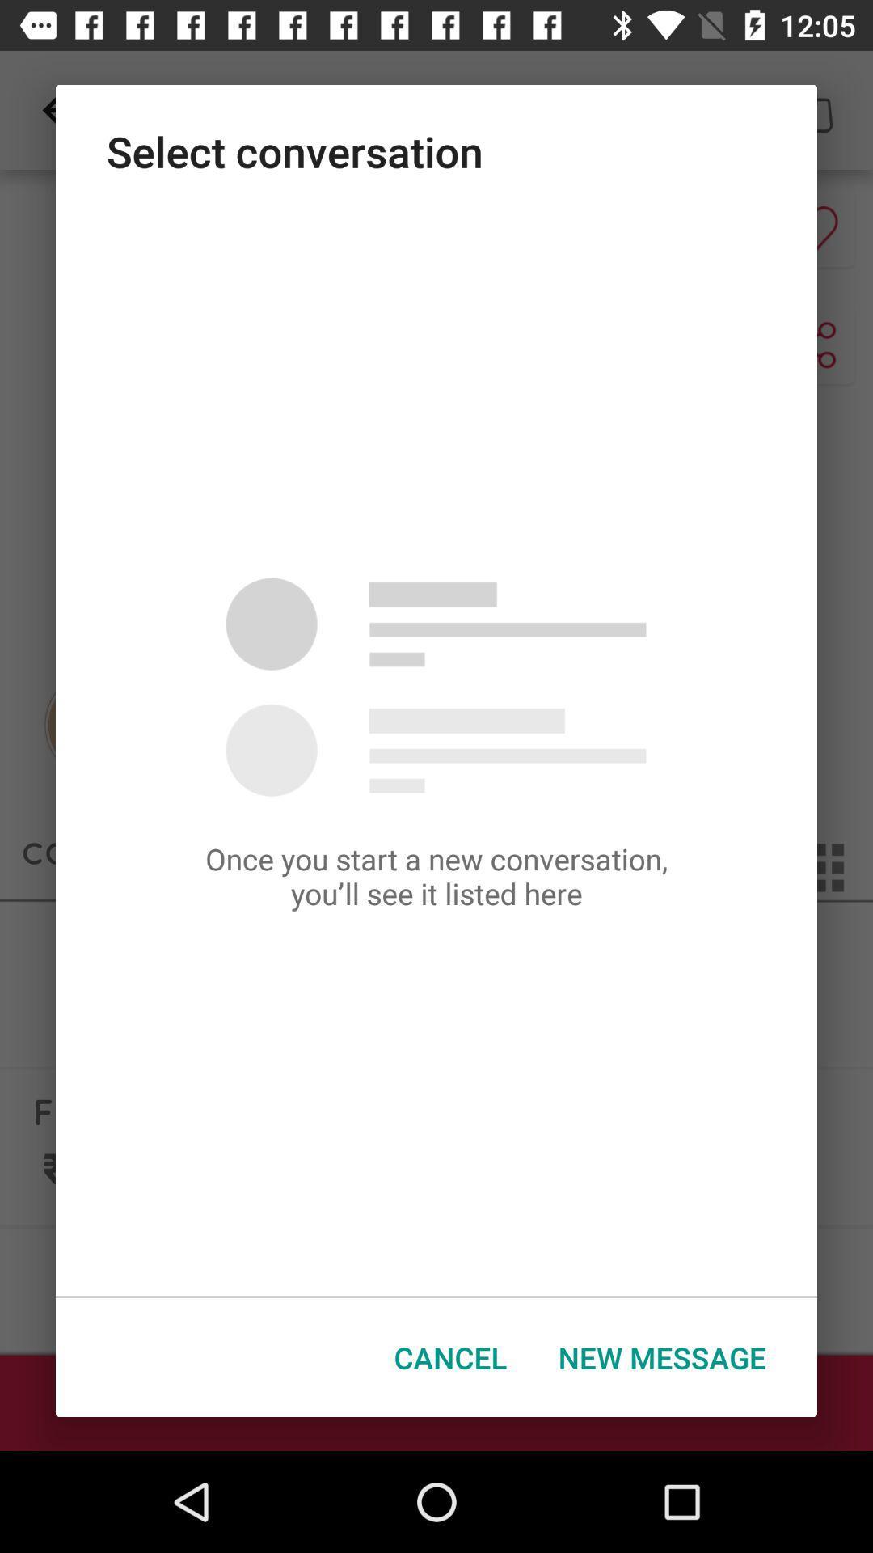 This screenshot has height=1553, width=873. Describe the element at coordinates (450, 1357) in the screenshot. I see `the button next to new message icon` at that location.